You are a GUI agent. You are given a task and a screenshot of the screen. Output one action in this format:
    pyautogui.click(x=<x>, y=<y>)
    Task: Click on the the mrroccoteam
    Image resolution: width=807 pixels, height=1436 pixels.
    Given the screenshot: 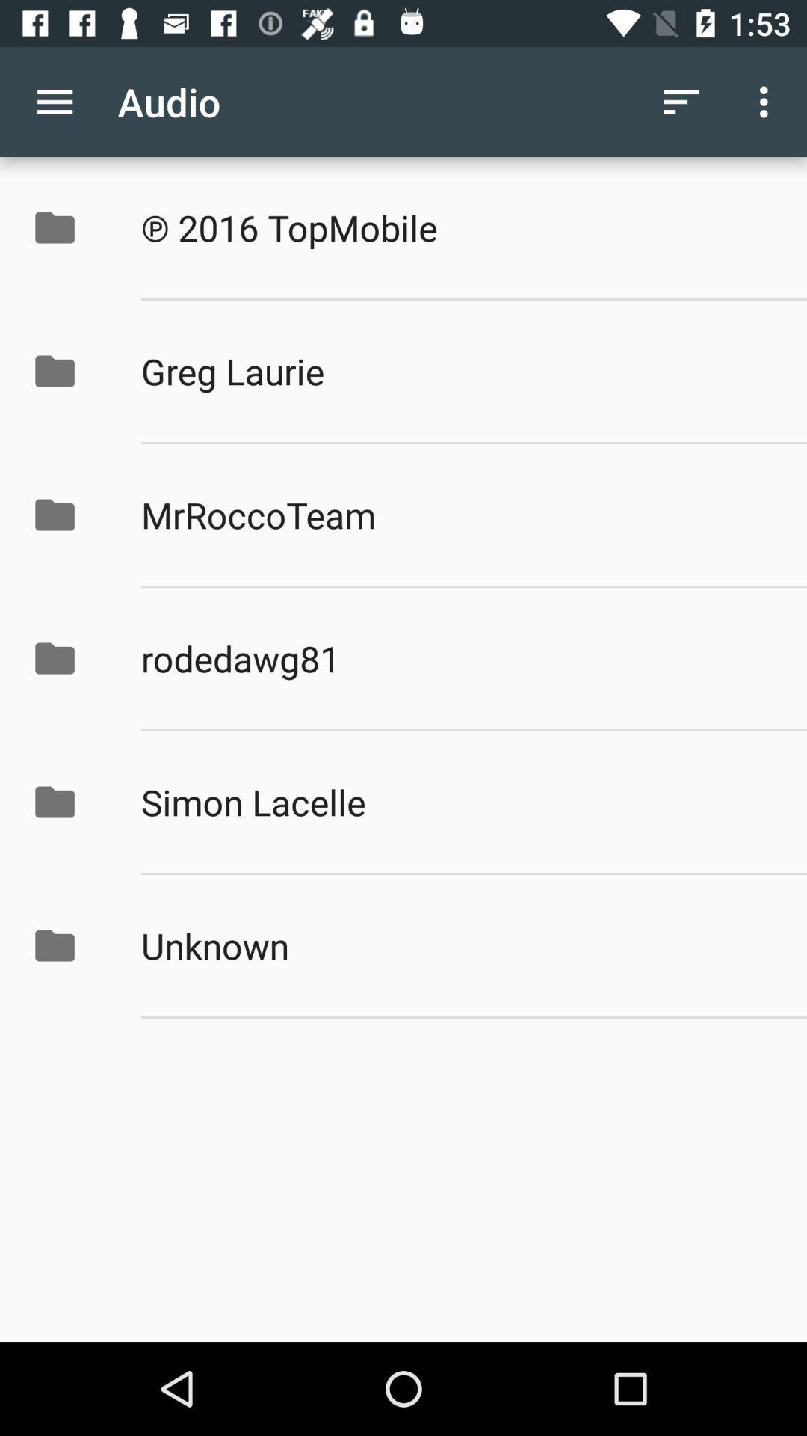 What is the action you would take?
    pyautogui.click(x=457, y=515)
    